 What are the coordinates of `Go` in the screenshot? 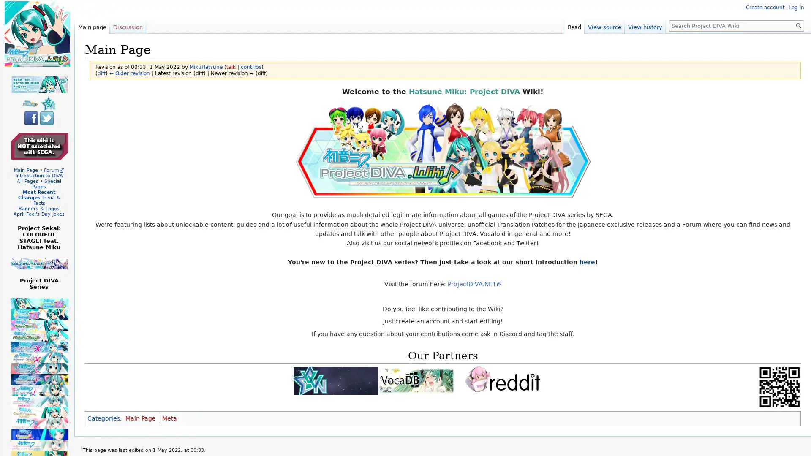 It's located at (798, 25).